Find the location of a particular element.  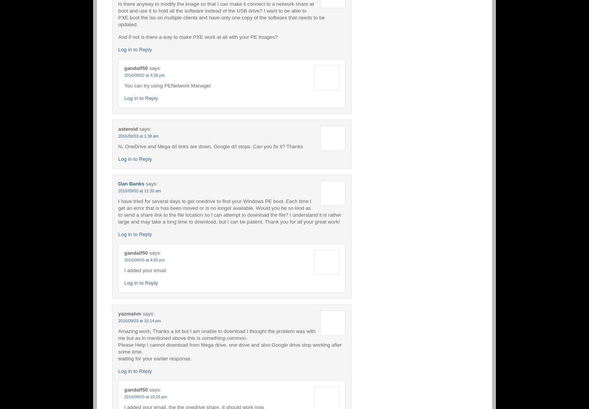

'I added your email.' is located at coordinates (145, 270).